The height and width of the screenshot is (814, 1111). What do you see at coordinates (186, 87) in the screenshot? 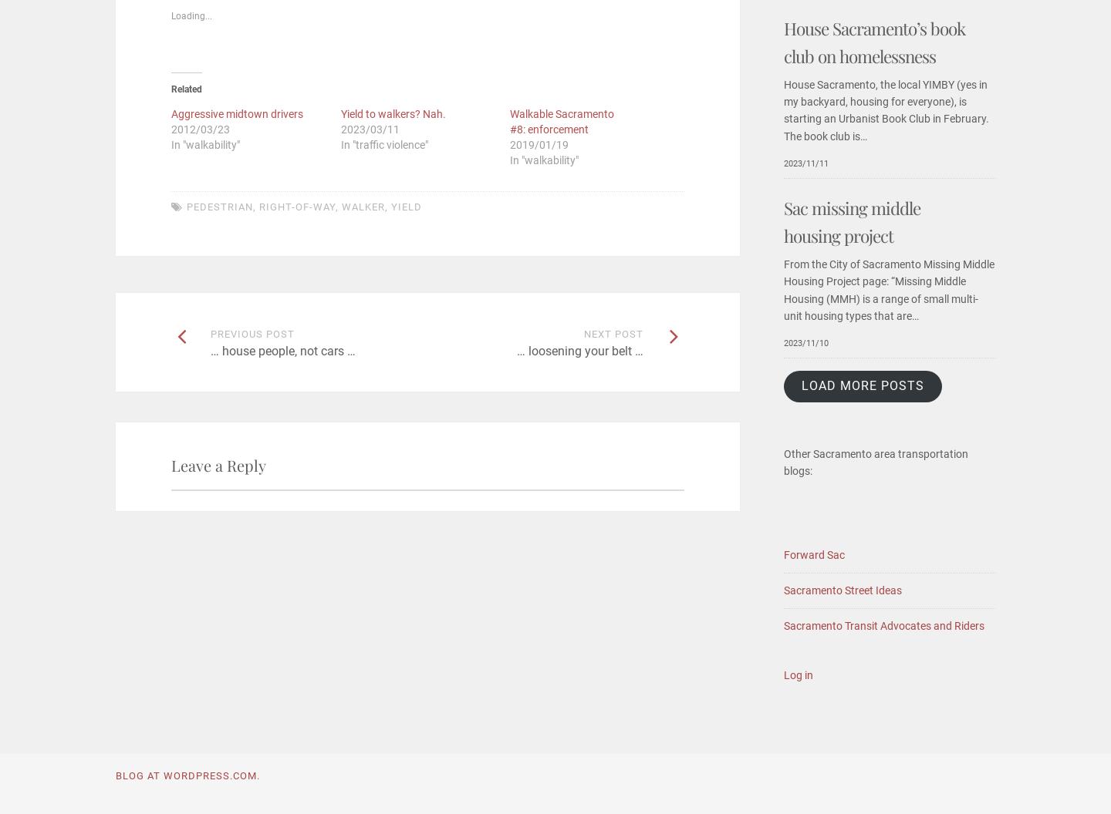
I see `'Related'` at bounding box center [186, 87].